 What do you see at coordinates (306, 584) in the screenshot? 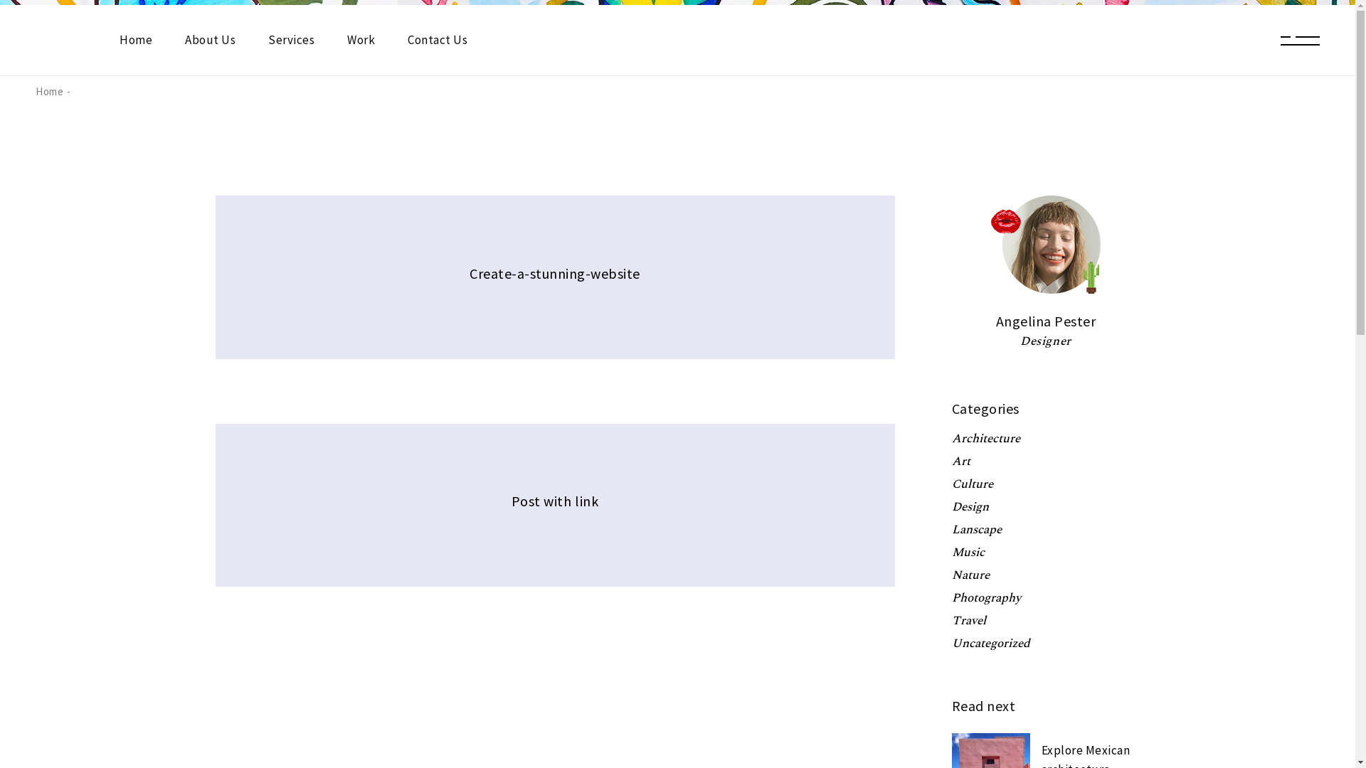
I see `'In.'` at bounding box center [306, 584].